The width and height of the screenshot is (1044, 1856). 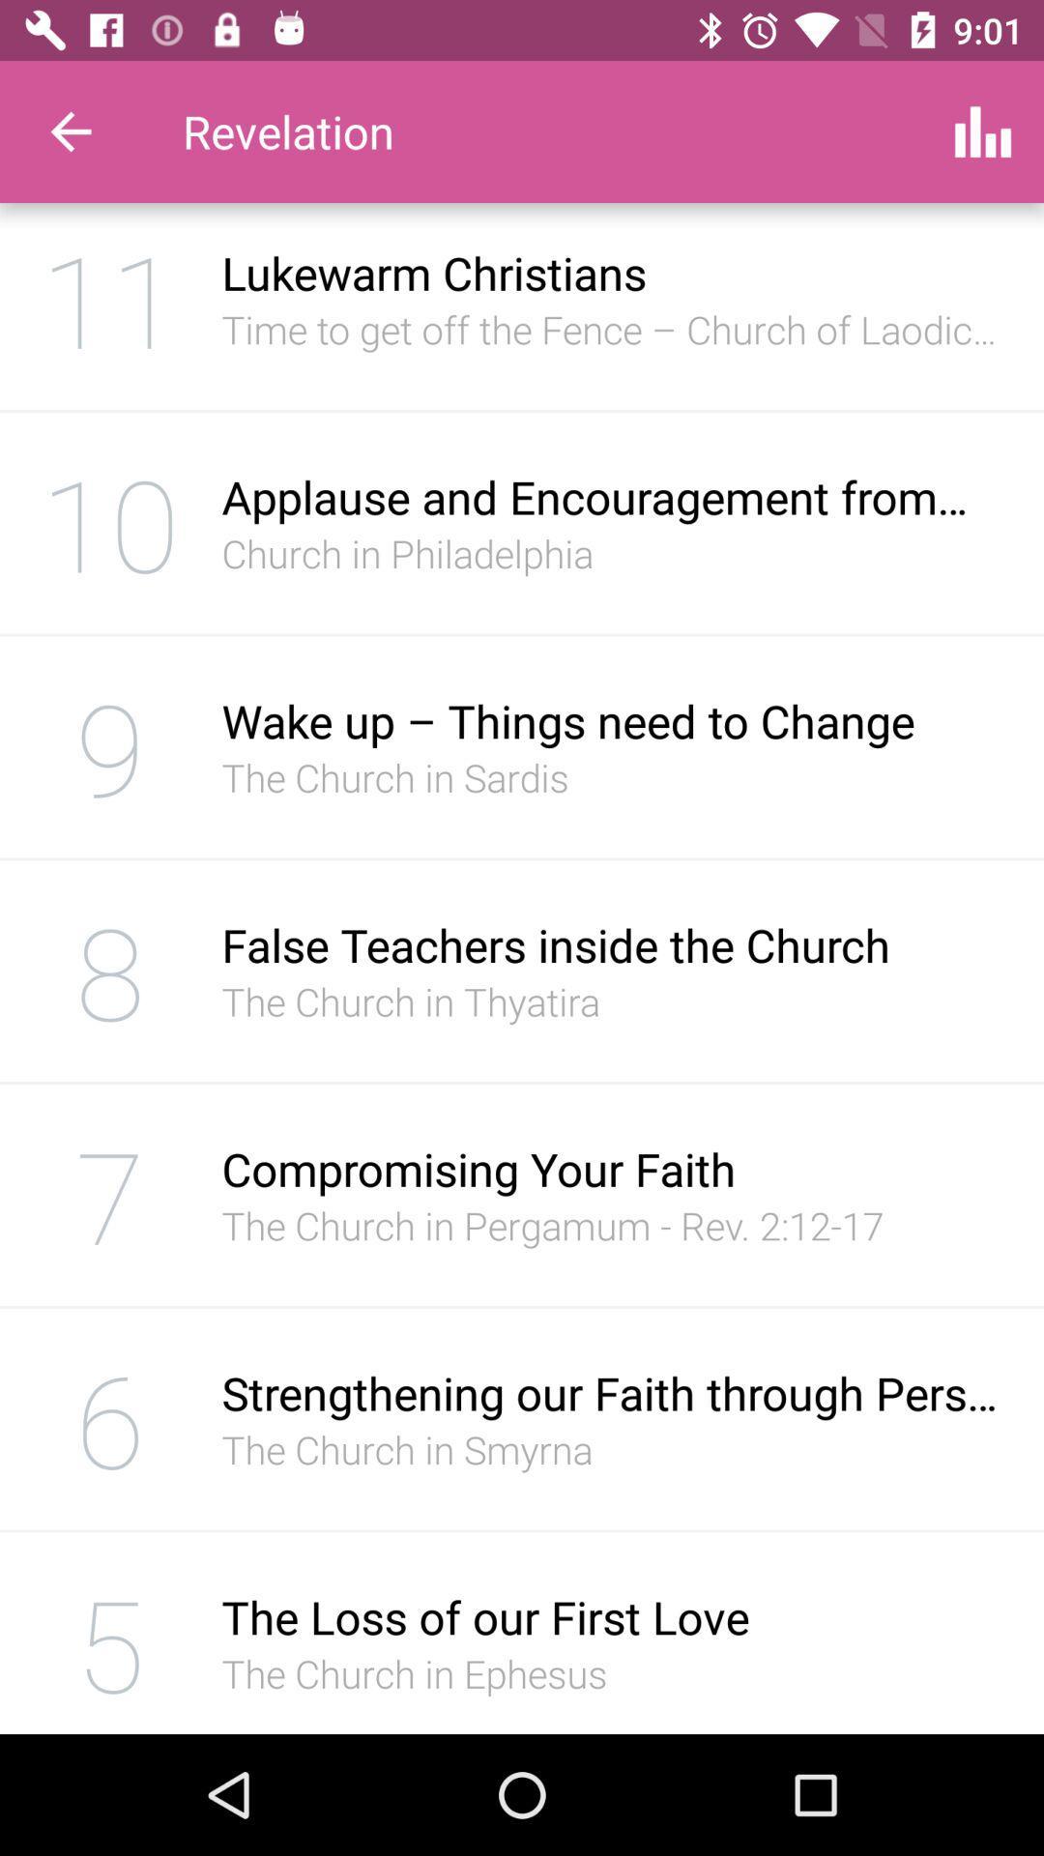 What do you see at coordinates (110, 1419) in the screenshot?
I see `the item to the left of the strengthening our faith item` at bounding box center [110, 1419].